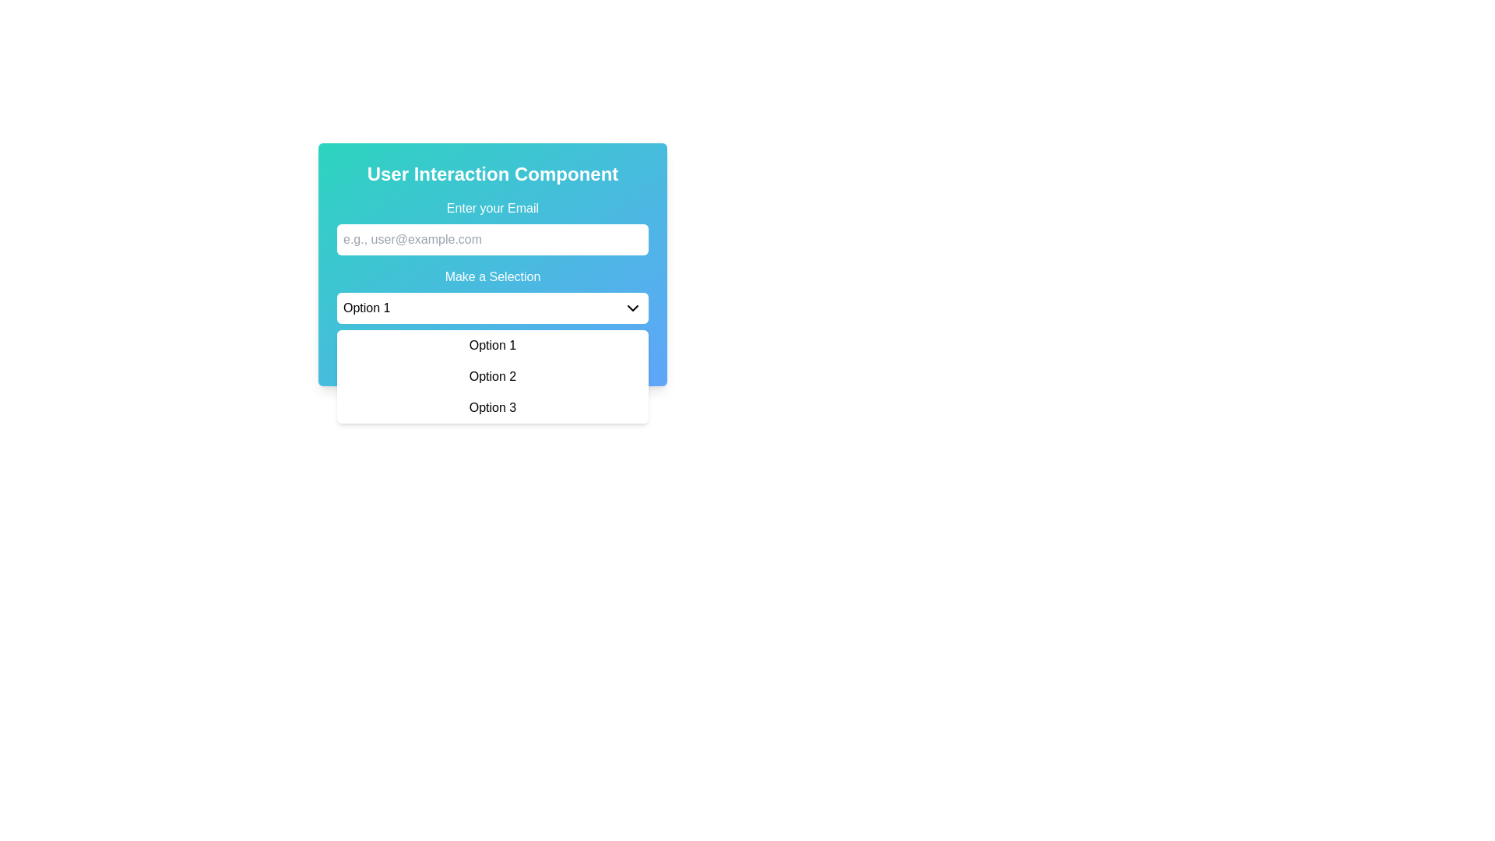  I want to click on the list item labeled 'Option 2' in the dropdown menu to trigger the background color change, so click(492, 376).